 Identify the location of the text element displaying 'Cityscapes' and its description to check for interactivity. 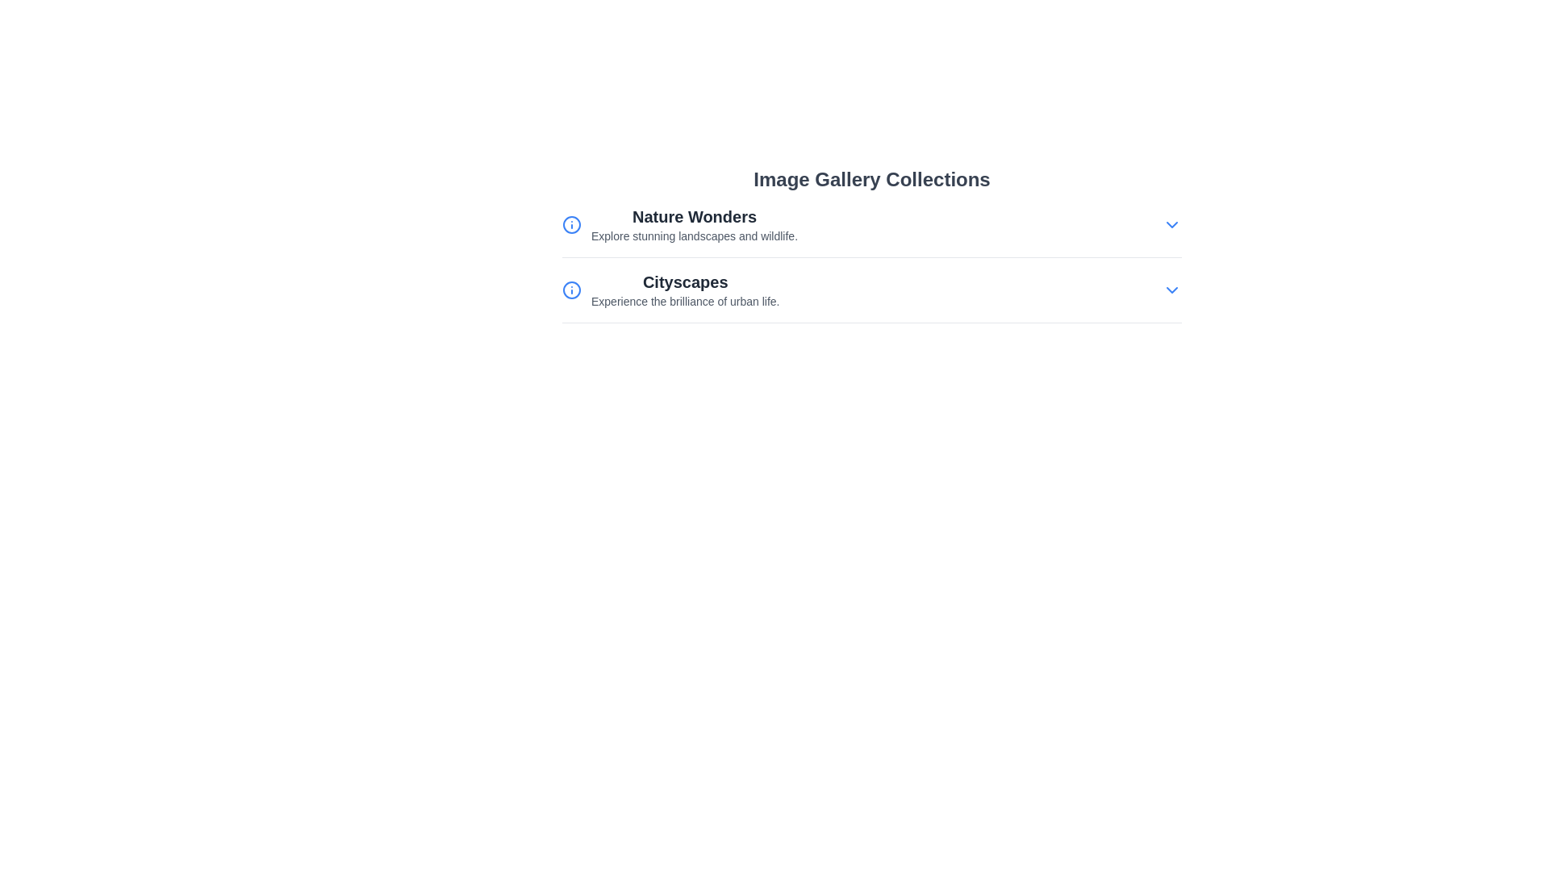
(685, 289).